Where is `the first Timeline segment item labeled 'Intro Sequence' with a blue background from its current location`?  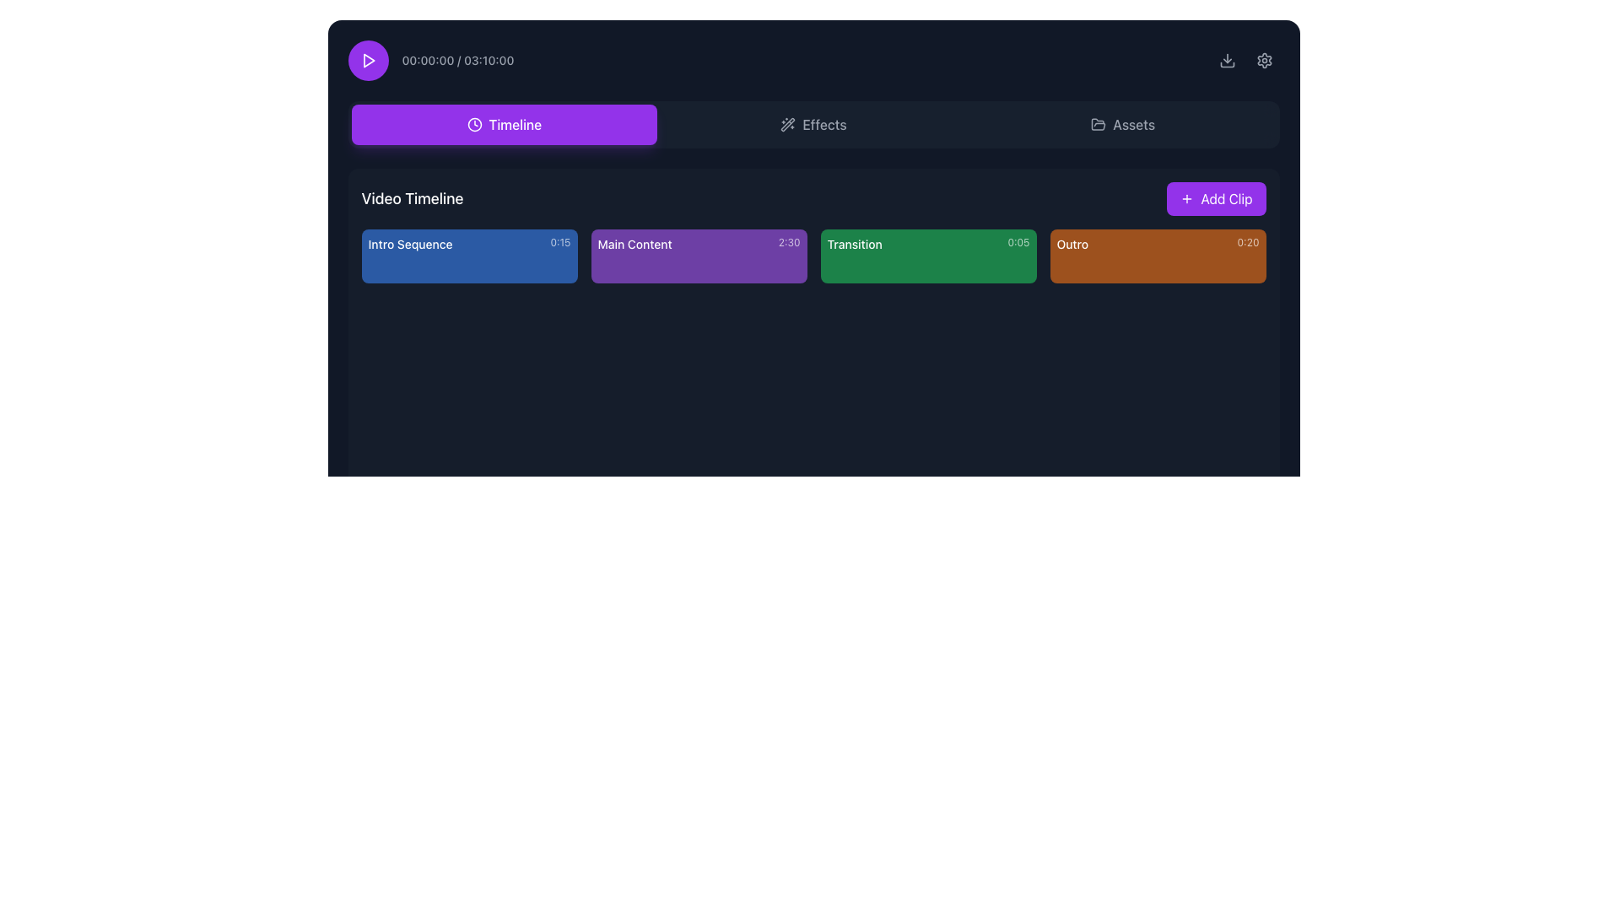
the first Timeline segment item labeled 'Intro Sequence' with a blue background from its current location is located at coordinates (469, 256).